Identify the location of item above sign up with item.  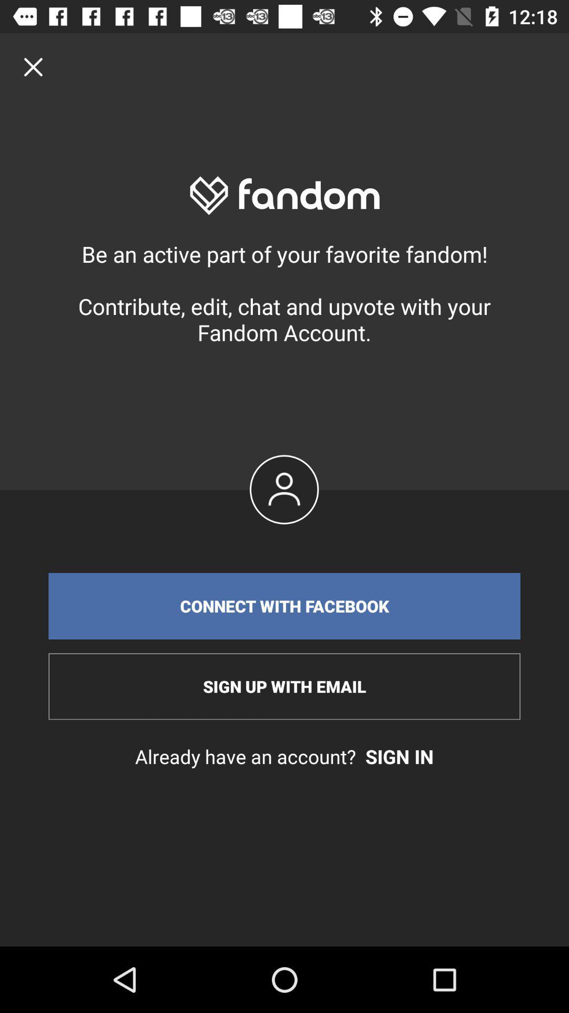
(284, 606).